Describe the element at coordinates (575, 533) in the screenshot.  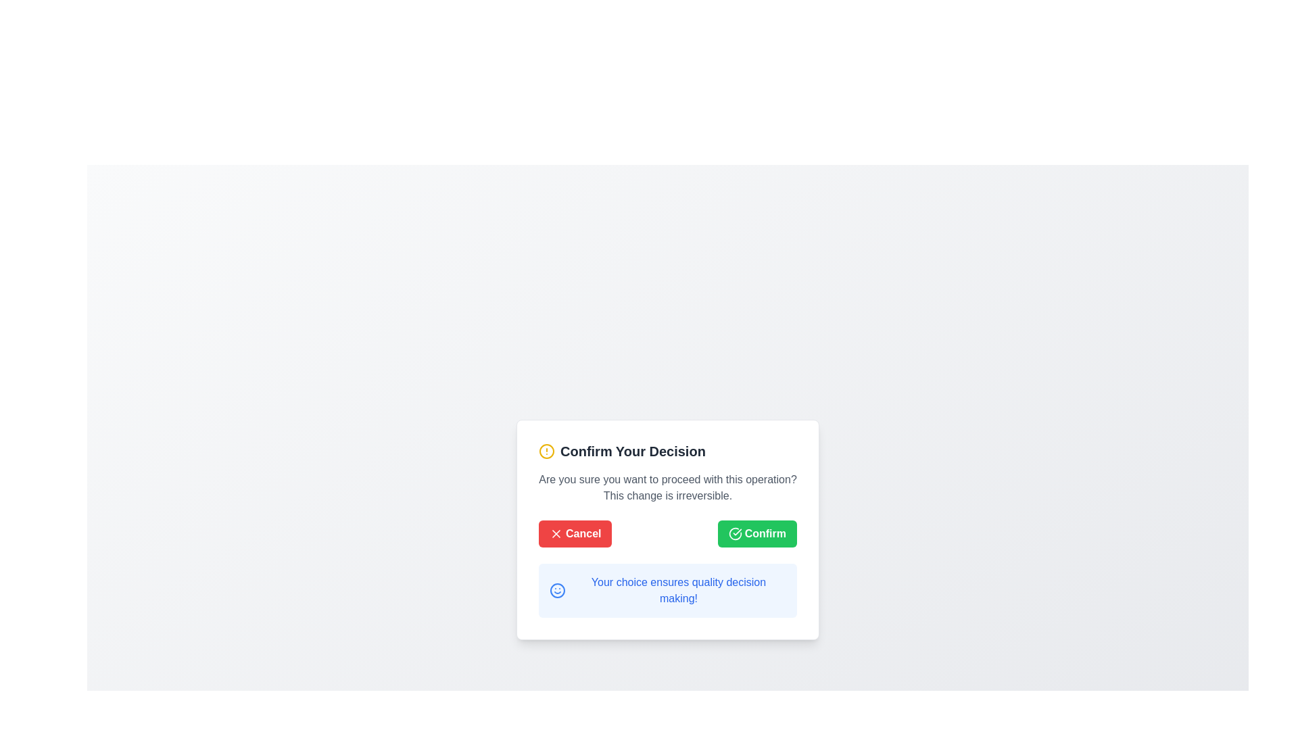
I see `the leftmost button in the horizontally aligned button group` at that location.